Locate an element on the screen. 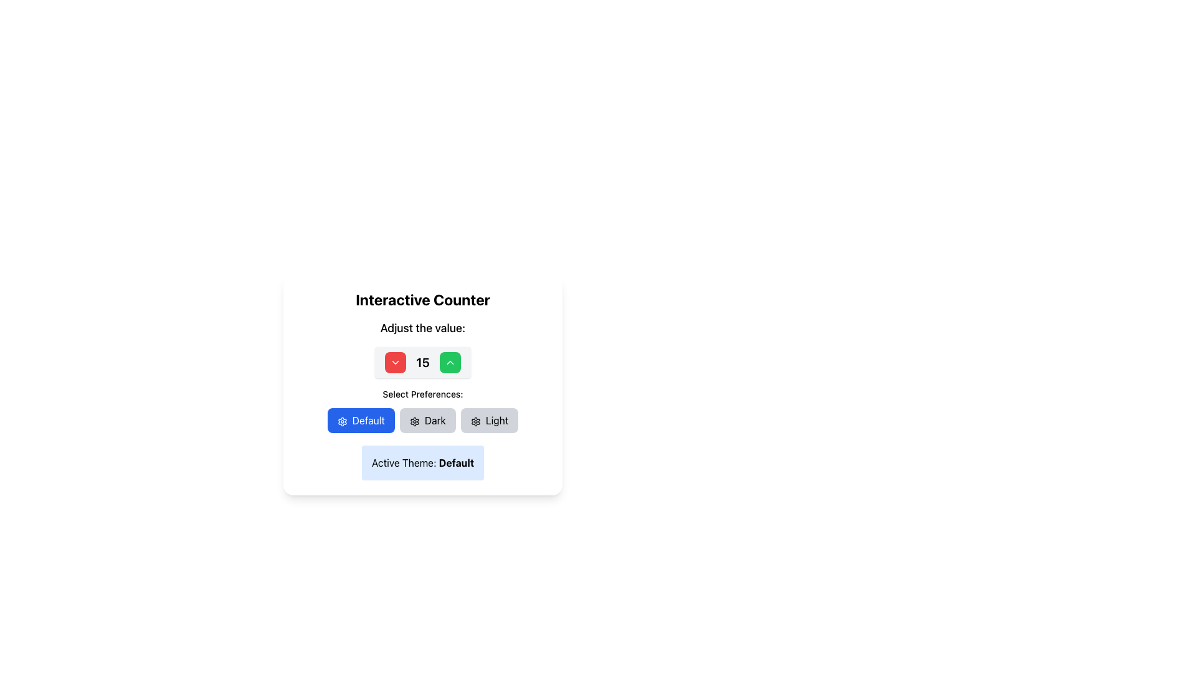  the 'Dark' button, which is the second button in a group of three is located at coordinates (427, 421).